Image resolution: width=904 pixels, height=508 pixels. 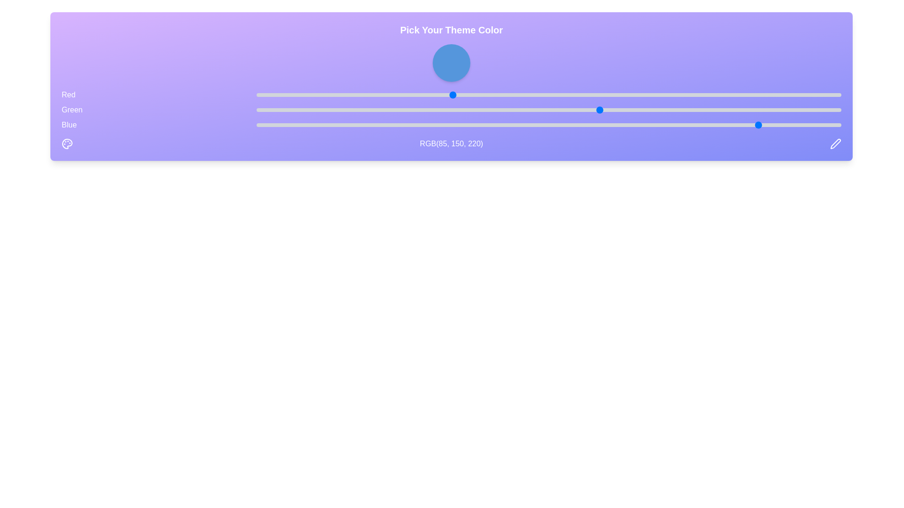 What do you see at coordinates (513, 95) in the screenshot?
I see `the slider's value` at bounding box center [513, 95].